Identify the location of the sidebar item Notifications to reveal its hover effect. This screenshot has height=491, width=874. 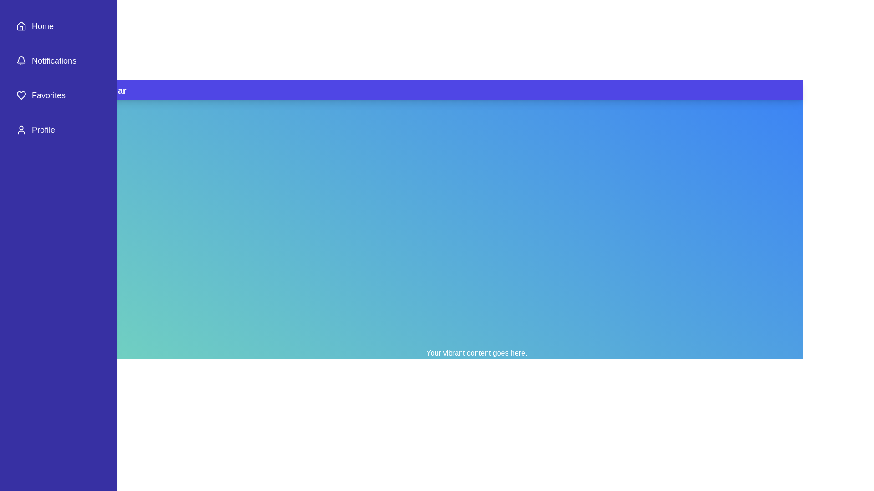
(58, 61).